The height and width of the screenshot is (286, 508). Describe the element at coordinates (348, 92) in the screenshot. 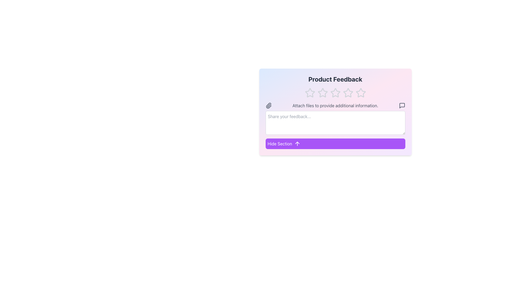

I see `the third star icon, which is a line-based design with a hollow center` at that location.